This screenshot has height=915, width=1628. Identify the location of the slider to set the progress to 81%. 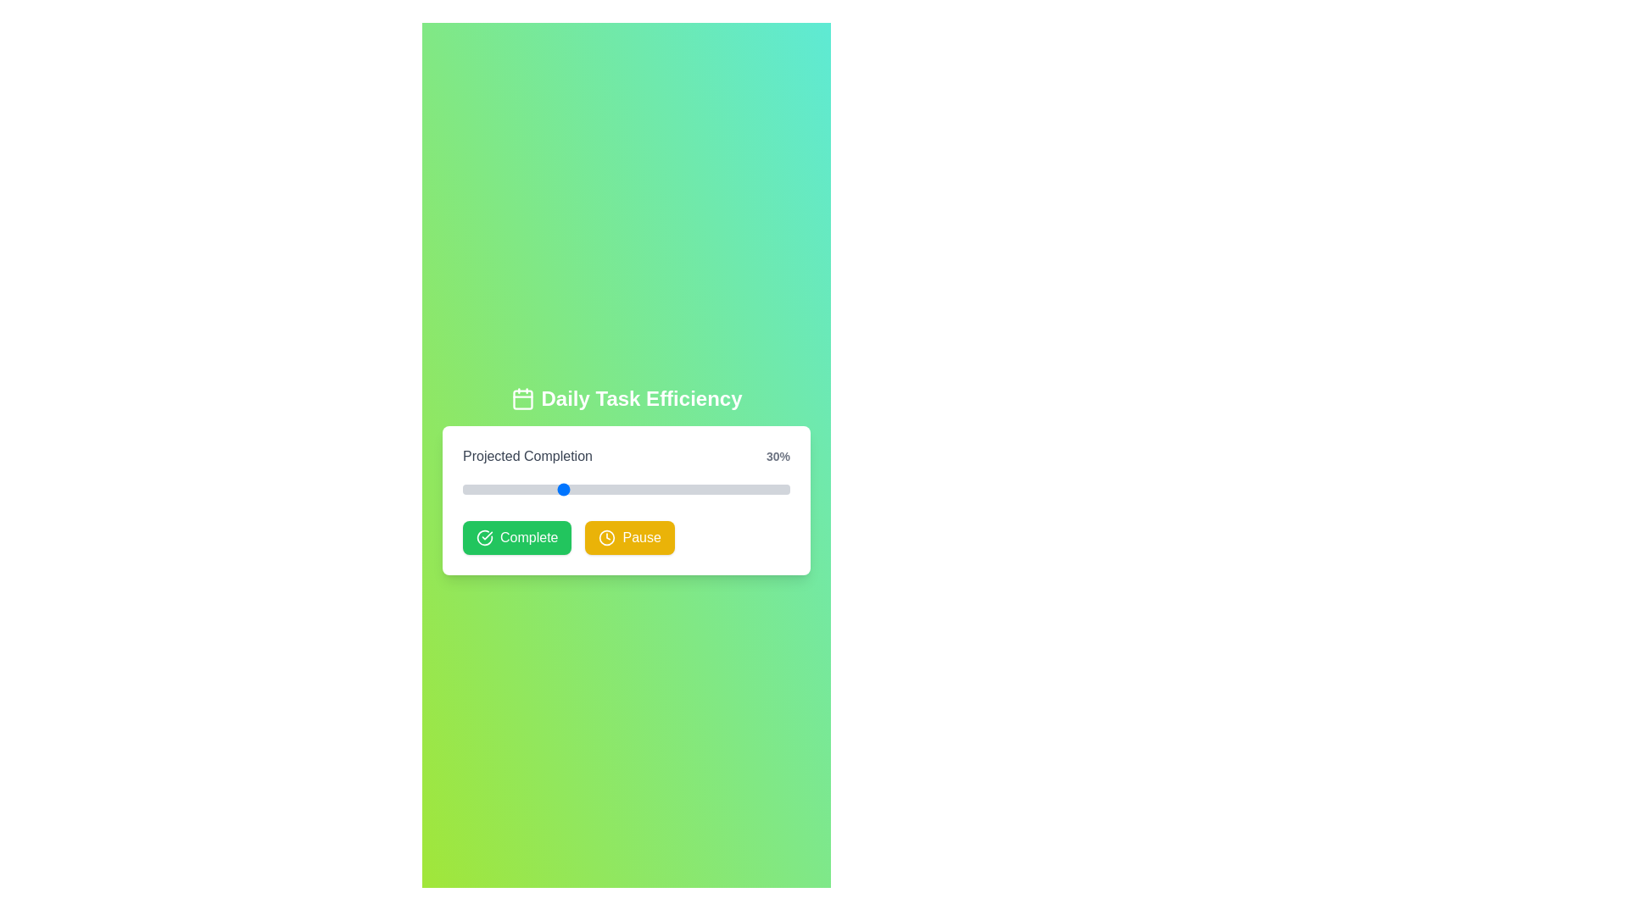
(728, 490).